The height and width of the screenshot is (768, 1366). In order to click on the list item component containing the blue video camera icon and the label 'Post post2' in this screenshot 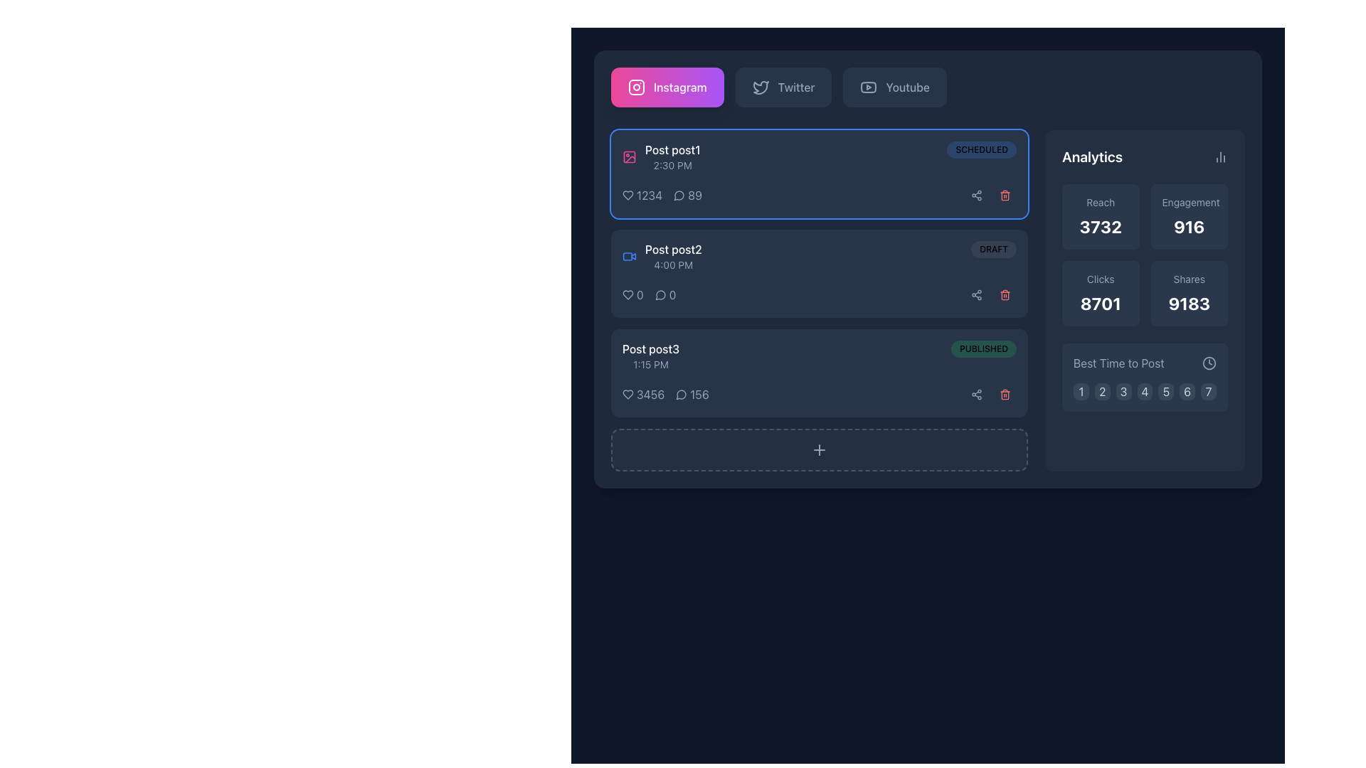, I will do `click(661, 257)`.